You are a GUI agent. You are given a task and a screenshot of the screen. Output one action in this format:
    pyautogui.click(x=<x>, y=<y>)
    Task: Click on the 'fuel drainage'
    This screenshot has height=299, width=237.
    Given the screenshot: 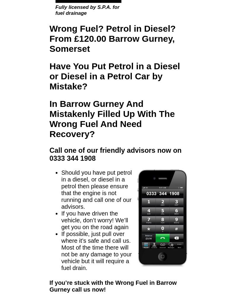 What is the action you would take?
    pyautogui.click(x=71, y=13)
    